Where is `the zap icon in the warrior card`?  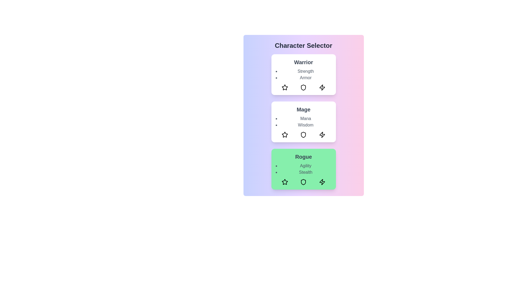
the zap icon in the warrior card is located at coordinates (322, 87).